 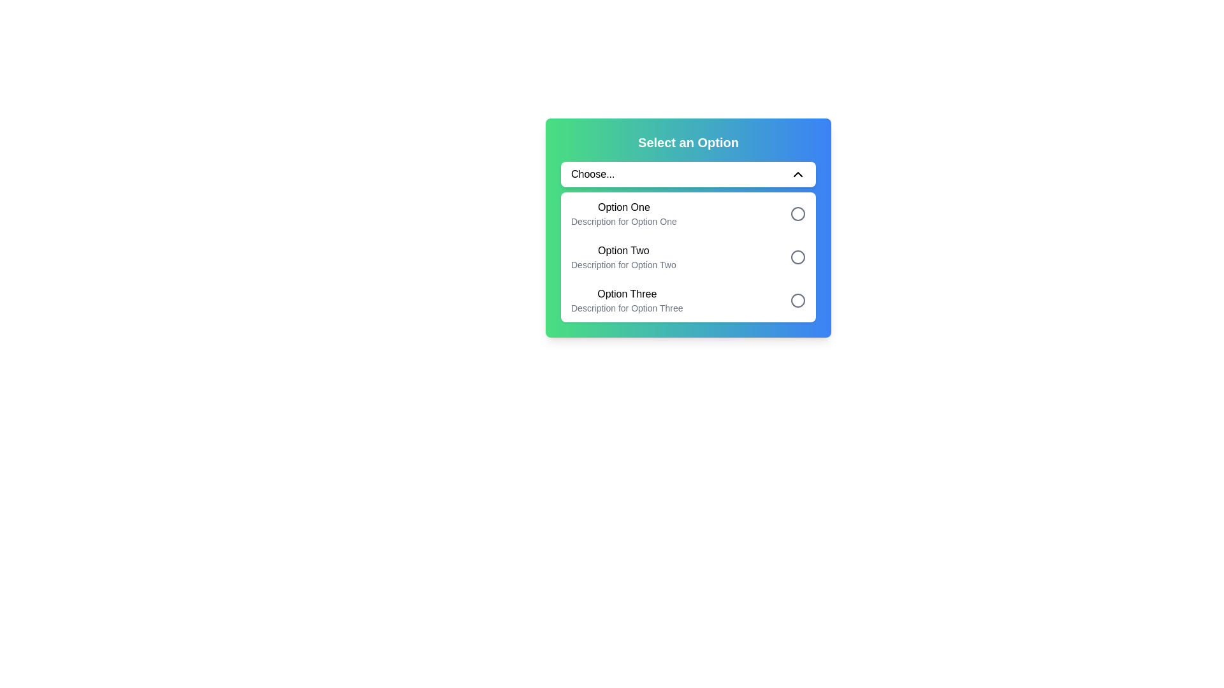 What do you see at coordinates (798, 300) in the screenshot?
I see `the radio button styled as an empty ring with a thin gray border, located under the 'Option Three' label in the dropdown list` at bounding box center [798, 300].